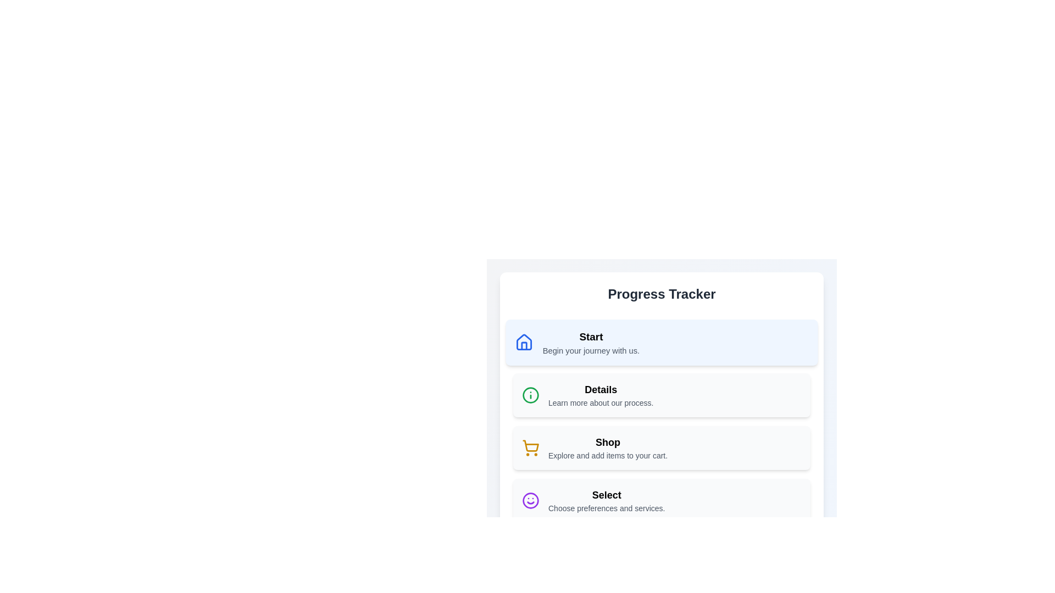 The image size is (1055, 593). Describe the element at coordinates (607, 448) in the screenshot. I see `the static informational text block that includes the words 'Shop' and 'Explore and add items to your cart.' This block is the third section of a progress tracker interface, following the 'Details' section and preceding the 'Select' section` at that location.